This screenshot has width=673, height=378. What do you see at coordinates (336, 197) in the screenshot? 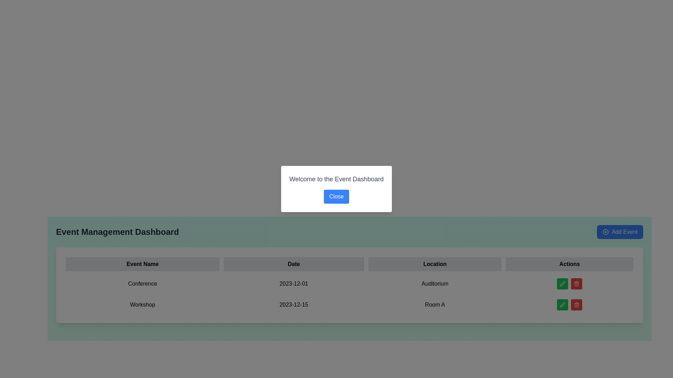
I see `the button located at the bottom of the white modal dialog box` at bounding box center [336, 197].